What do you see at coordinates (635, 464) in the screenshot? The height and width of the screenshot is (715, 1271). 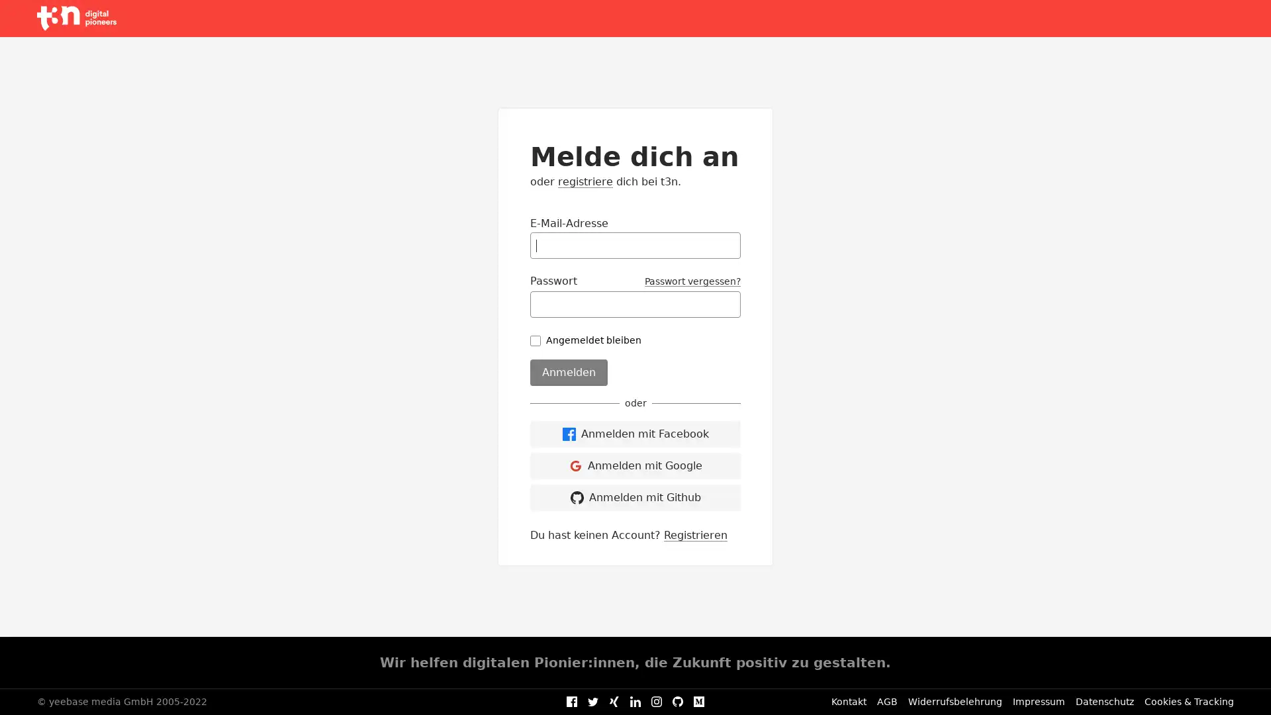 I see `Anmelden mit Google` at bounding box center [635, 464].